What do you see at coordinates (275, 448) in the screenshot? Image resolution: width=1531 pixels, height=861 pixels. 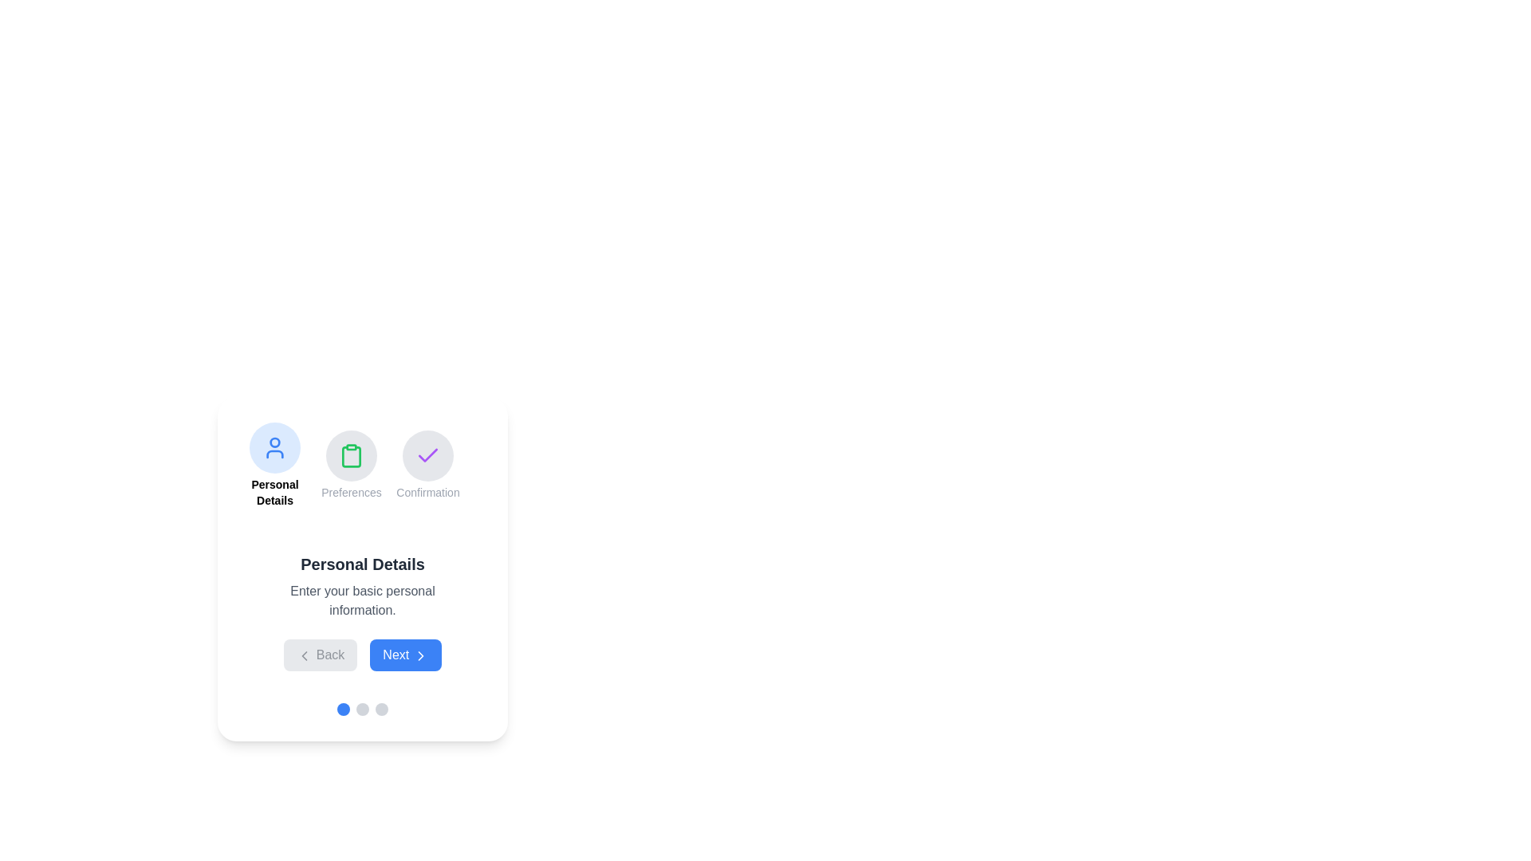 I see `the user profile icon, which is a minimalistic outline of a head and shoulders styled in blue, located on the leftmost side of a group of three icons at the top section of a card interface` at bounding box center [275, 448].